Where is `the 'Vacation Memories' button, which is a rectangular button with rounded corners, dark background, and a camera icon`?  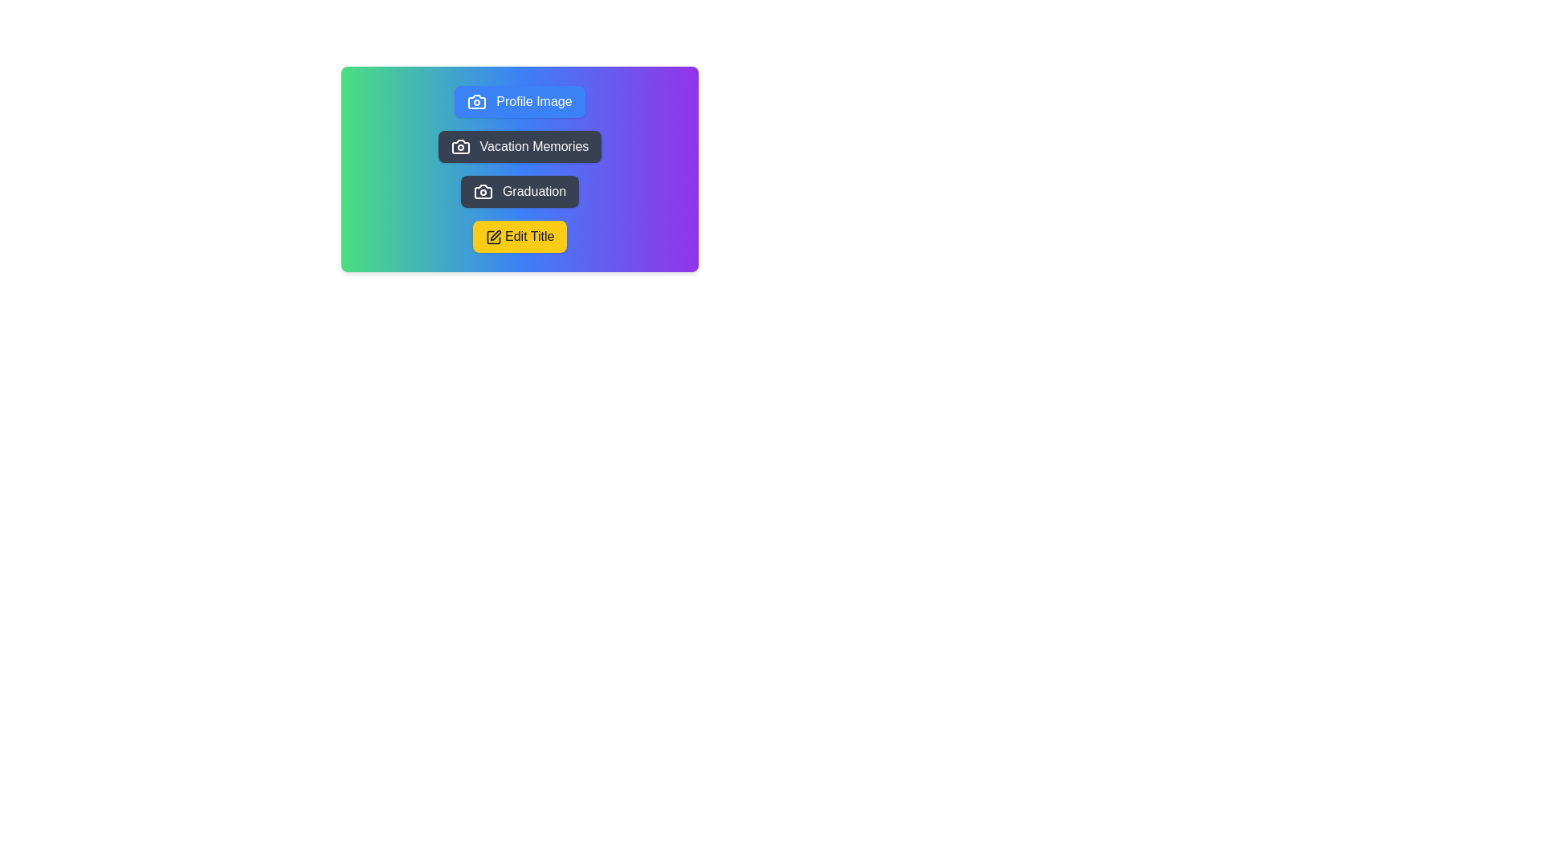
the 'Vacation Memories' button, which is a rectangular button with rounded corners, dark background, and a camera icon is located at coordinates (520, 146).